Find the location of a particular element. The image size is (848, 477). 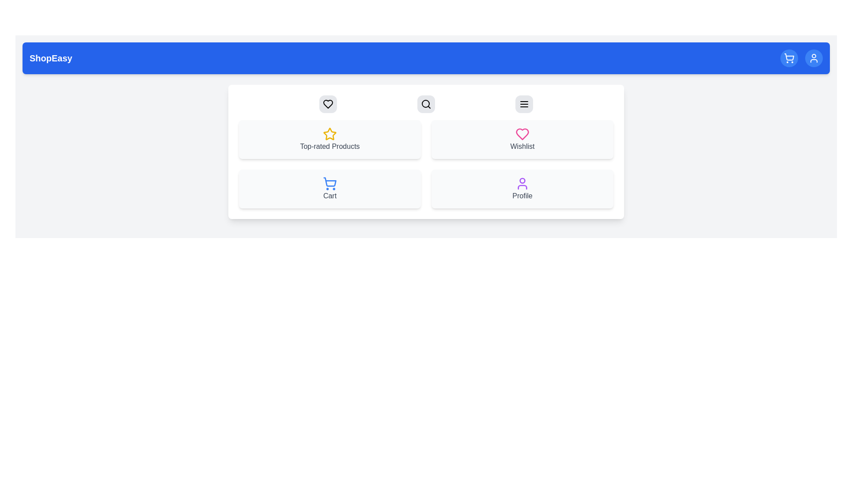

the shopping cart icon located at the top-right corner of the blue navigation bar is located at coordinates (789, 58).